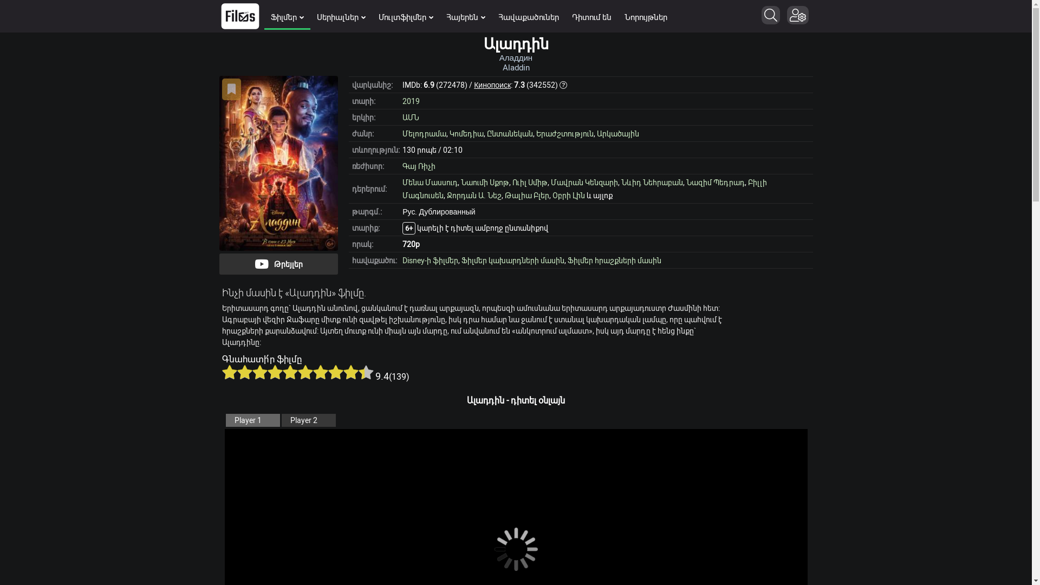  What do you see at coordinates (260, 371) in the screenshot?
I see `'3'` at bounding box center [260, 371].